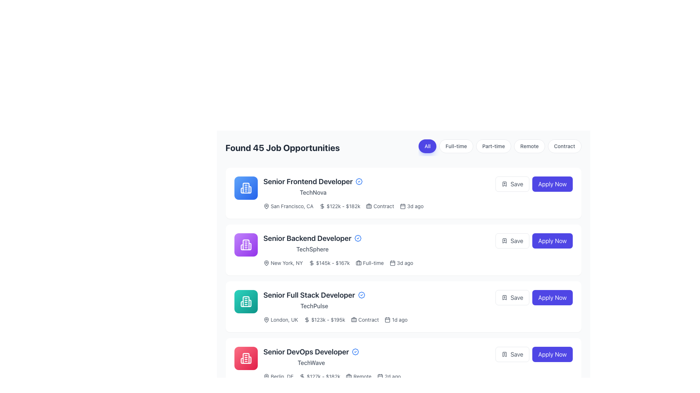 The height and width of the screenshot is (393, 700). I want to click on the 'Save' button with a bookmark icon located in the third job listing from the top, which is styled with a light gray border and has a gray text label, so click(512, 297).